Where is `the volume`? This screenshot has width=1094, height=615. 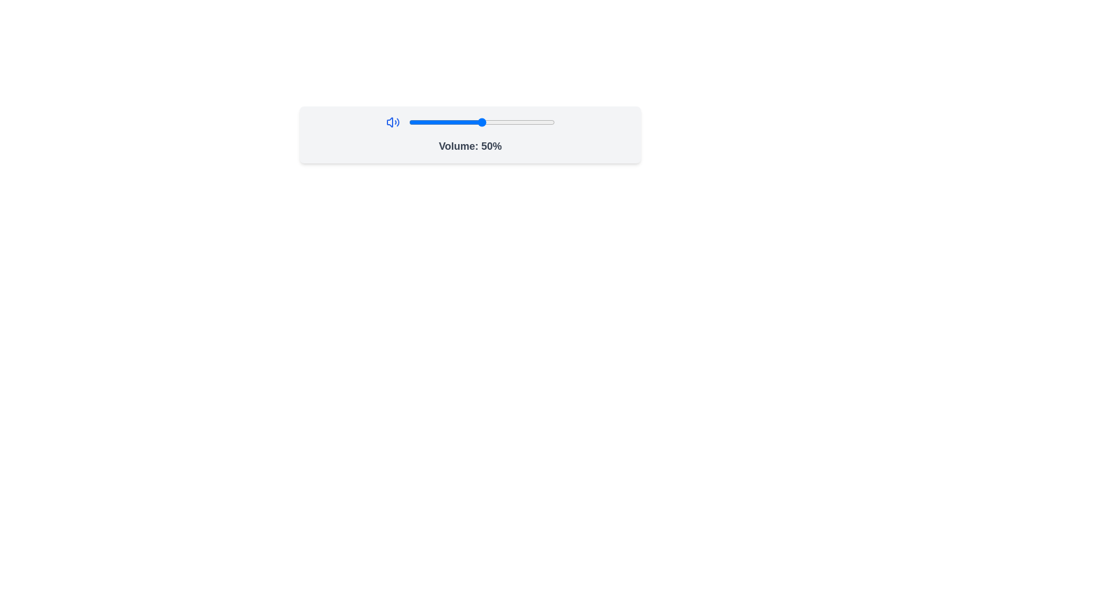 the volume is located at coordinates (414, 122).